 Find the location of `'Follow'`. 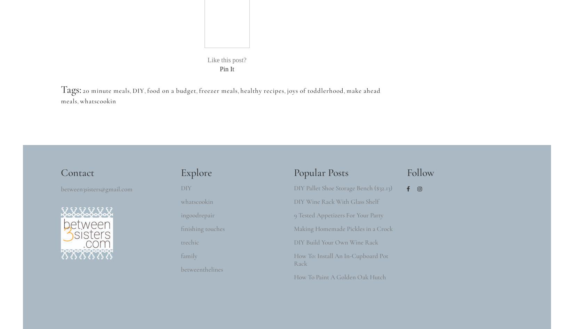

'Follow' is located at coordinates (420, 172).